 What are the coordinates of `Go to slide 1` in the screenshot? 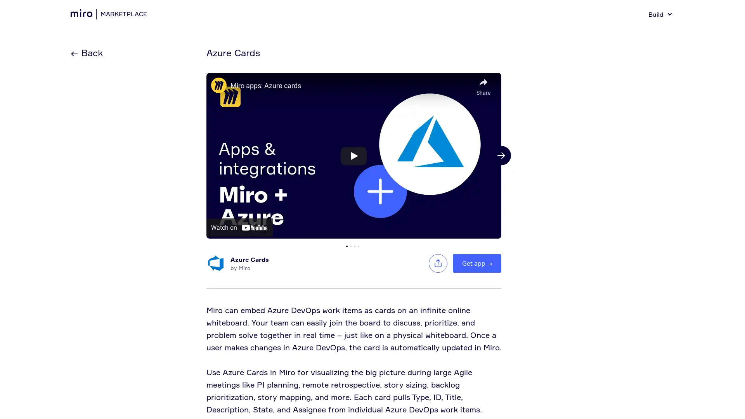 It's located at (346, 246).